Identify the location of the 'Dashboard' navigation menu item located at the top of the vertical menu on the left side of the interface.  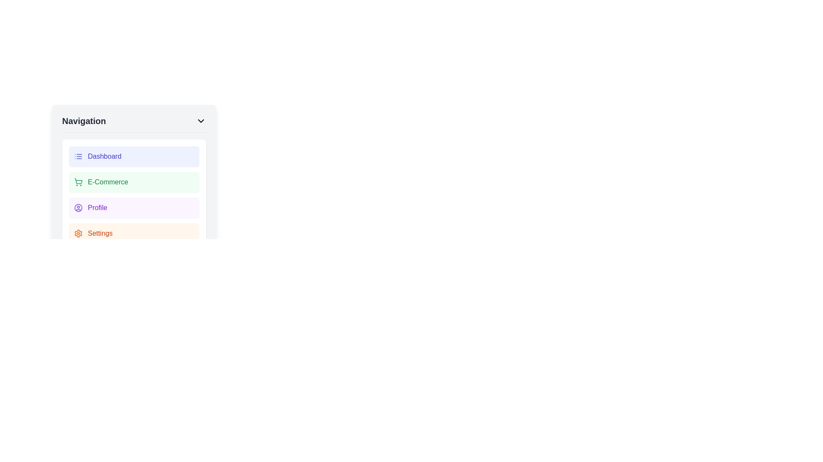
(133, 157).